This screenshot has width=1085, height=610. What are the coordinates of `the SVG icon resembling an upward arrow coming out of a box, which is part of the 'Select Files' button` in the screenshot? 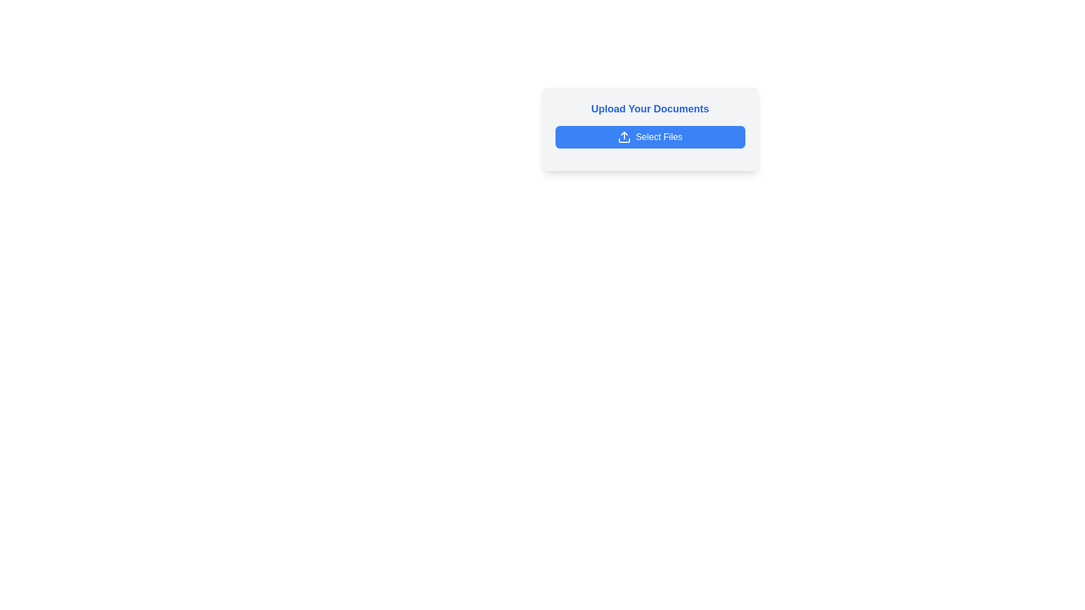 It's located at (624, 137).